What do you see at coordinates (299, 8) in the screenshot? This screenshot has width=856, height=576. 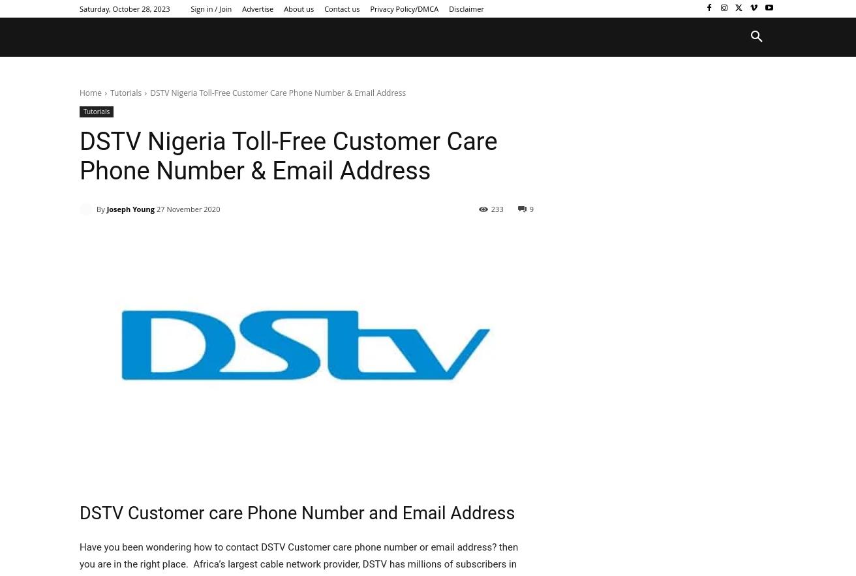 I see `'About us'` at bounding box center [299, 8].